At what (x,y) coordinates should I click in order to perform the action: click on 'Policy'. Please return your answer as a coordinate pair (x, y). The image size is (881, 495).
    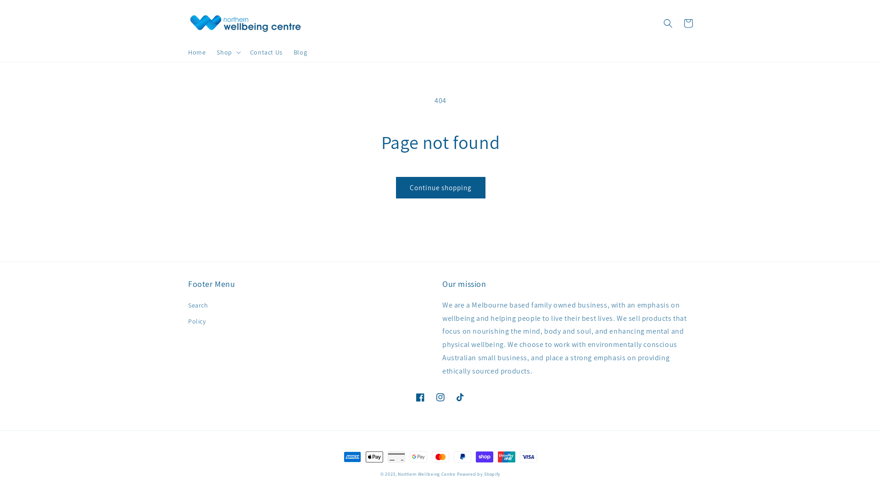
    Looking at the image, I should click on (196, 321).